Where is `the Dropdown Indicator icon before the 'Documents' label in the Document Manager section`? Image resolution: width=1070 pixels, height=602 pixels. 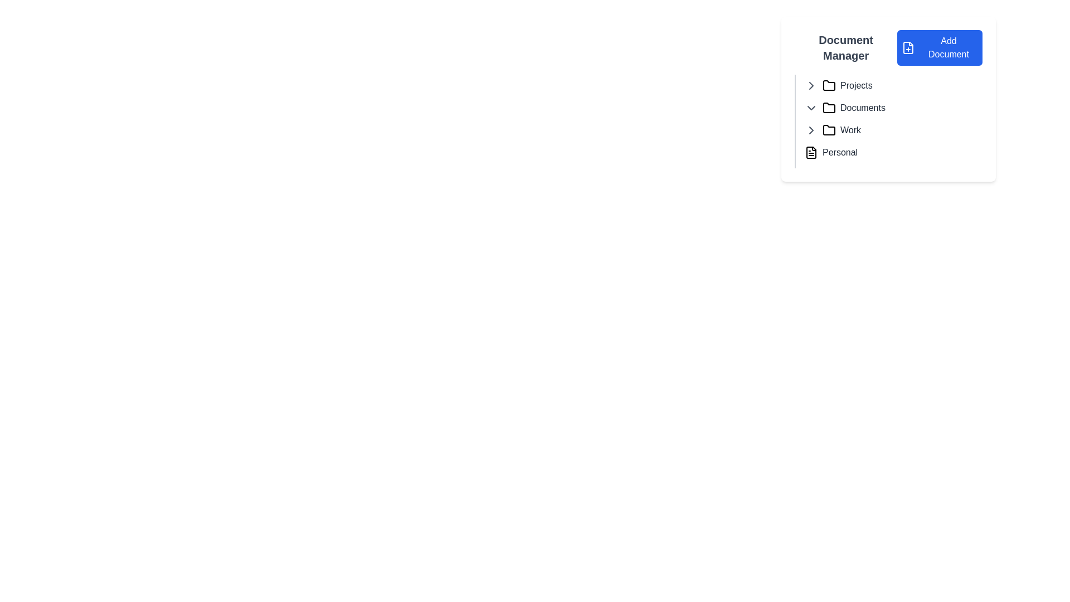 the Dropdown Indicator icon before the 'Documents' label in the Document Manager section is located at coordinates (811, 108).